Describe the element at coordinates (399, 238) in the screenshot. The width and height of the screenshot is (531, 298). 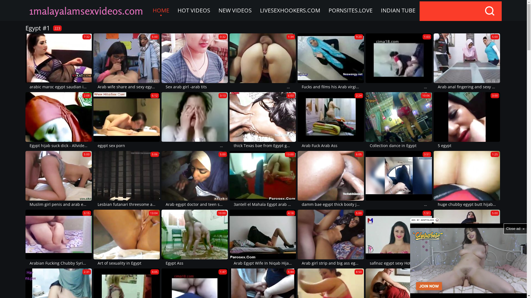
I see `'1:51` at that location.